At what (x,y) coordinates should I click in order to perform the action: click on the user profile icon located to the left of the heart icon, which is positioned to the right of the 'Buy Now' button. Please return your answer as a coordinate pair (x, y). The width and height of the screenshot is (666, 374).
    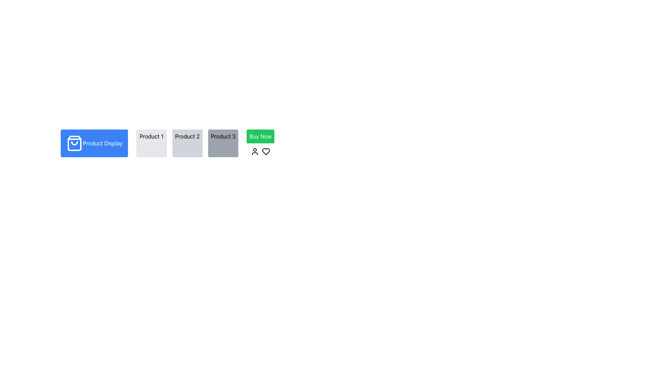
    Looking at the image, I should click on (255, 151).